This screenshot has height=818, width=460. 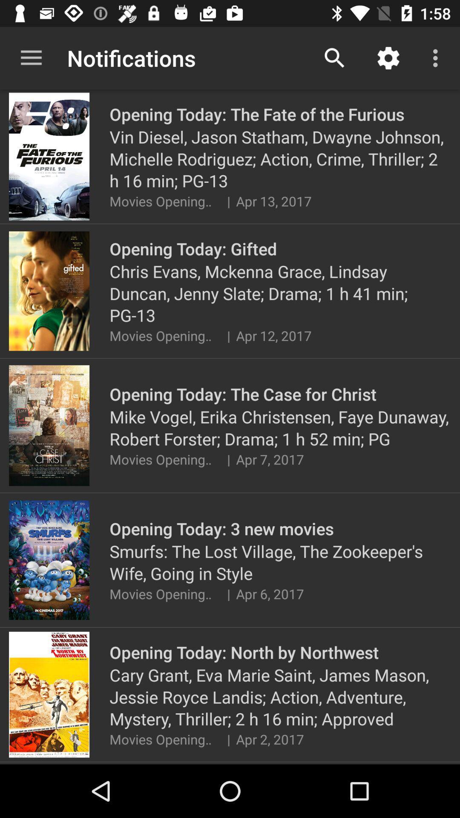 What do you see at coordinates (228, 459) in the screenshot?
I see `the | item` at bounding box center [228, 459].